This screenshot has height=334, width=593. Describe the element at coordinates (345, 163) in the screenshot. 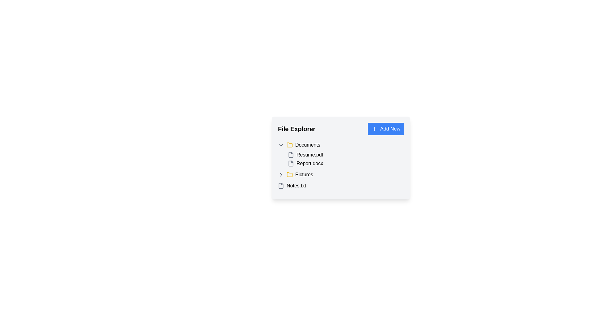

I see `to select the file list item displaying the filename 'Report.docx' in the 'Documents' folder of the File Explorer` at that location.